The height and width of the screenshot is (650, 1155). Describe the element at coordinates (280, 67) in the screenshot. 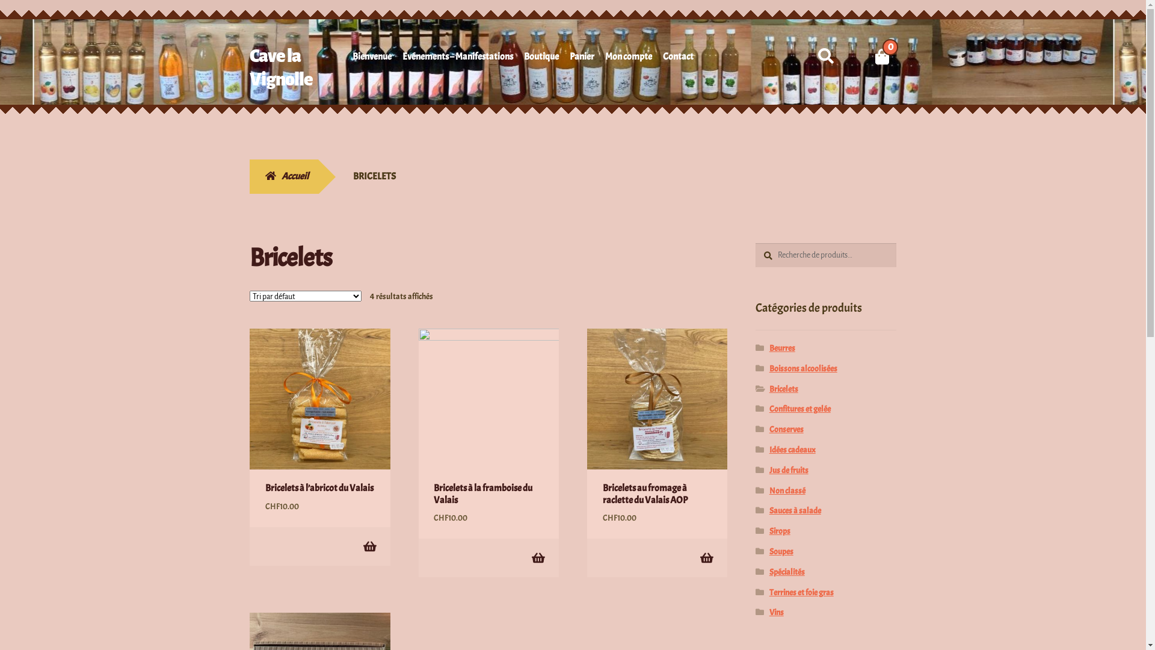

I see `'Cave la Vignolle'` at that location.